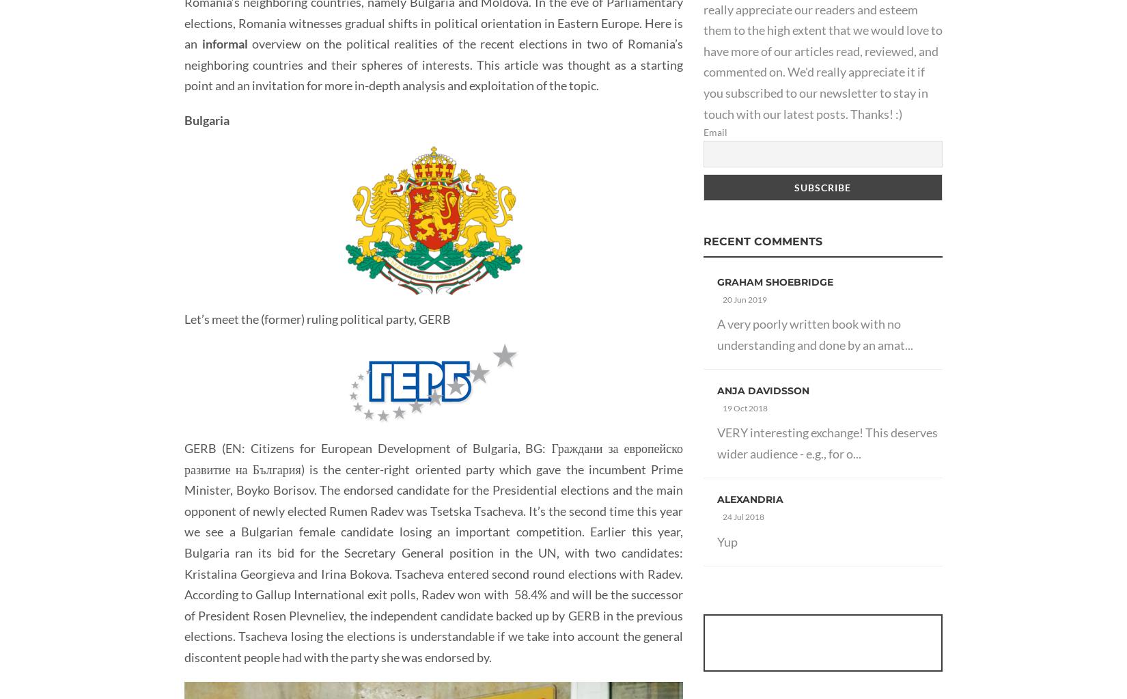 The height and width of the screenshot is (699, 1127). What do you see at coordinates (715, 132) in the screenshot?
I see `'Email'` at bounding box center [715, 132].